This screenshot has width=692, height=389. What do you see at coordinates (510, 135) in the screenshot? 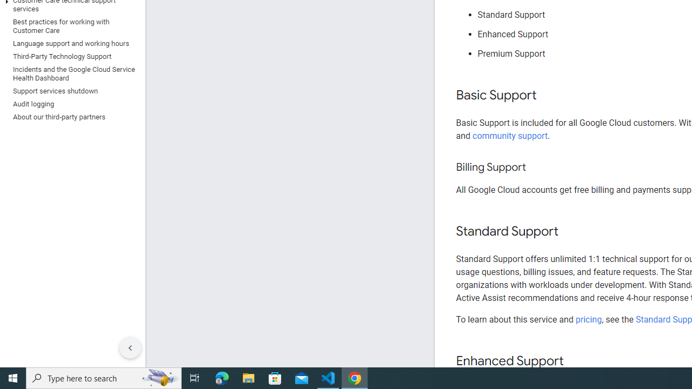
I see `'community support'` at bounding box center [510, 135].